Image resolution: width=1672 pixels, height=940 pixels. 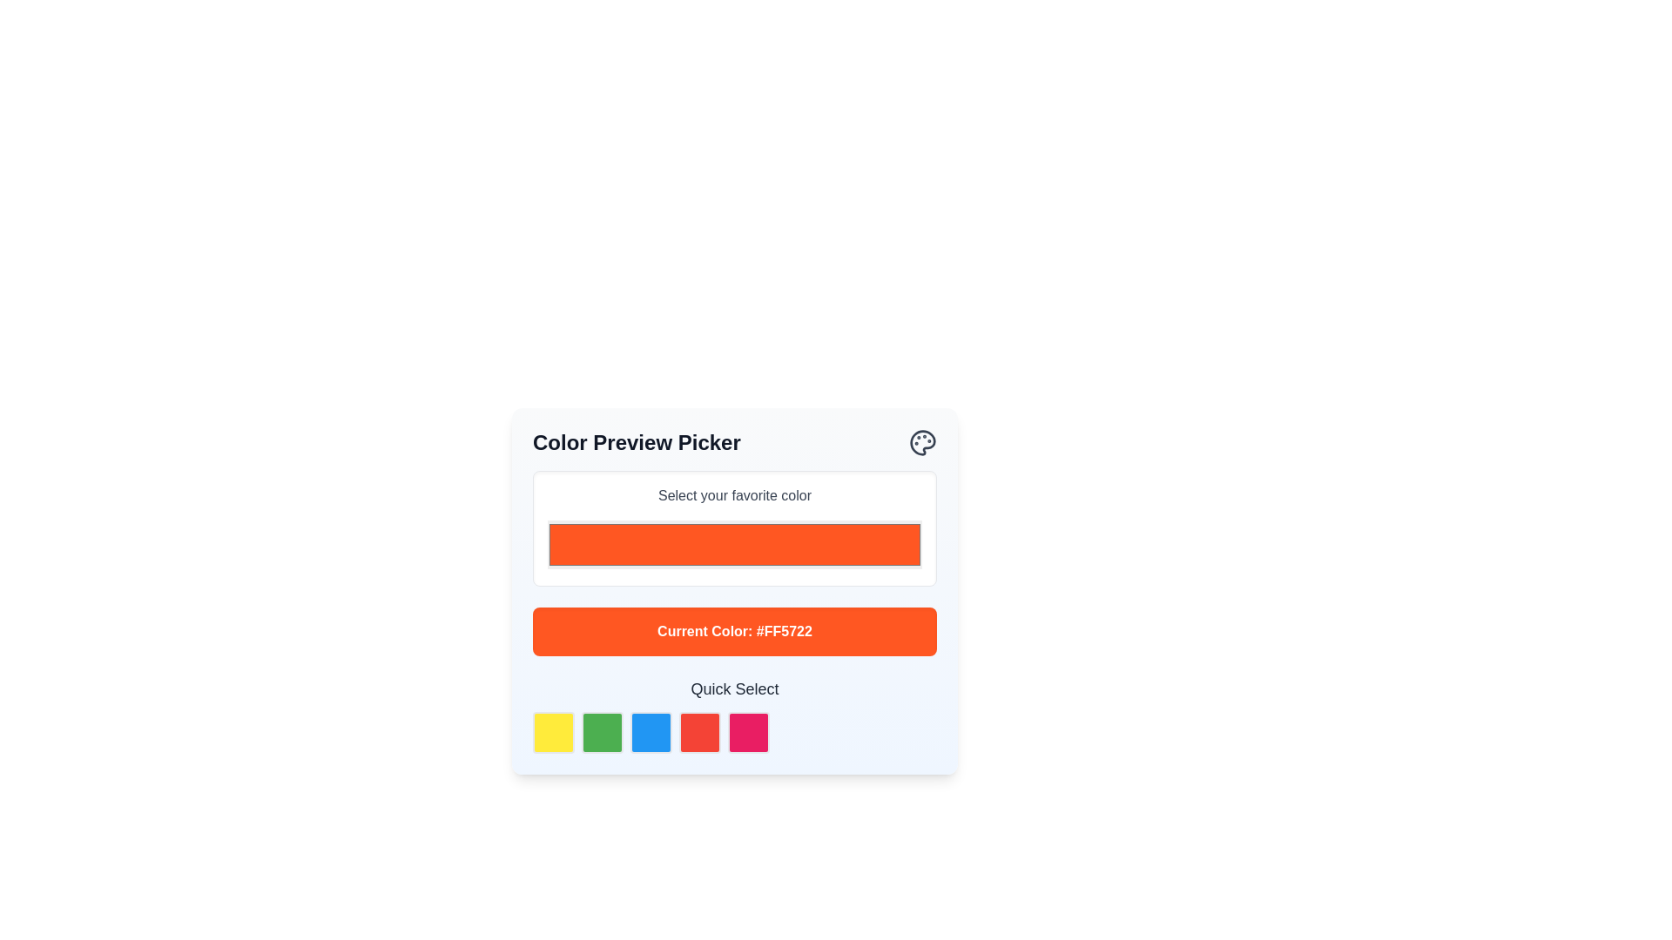 What do you see at coordinates (602, 732) in the screenshot?
I see `the green button with rounded corners located under 'Quick Select'` at bounding box center [602, 732].